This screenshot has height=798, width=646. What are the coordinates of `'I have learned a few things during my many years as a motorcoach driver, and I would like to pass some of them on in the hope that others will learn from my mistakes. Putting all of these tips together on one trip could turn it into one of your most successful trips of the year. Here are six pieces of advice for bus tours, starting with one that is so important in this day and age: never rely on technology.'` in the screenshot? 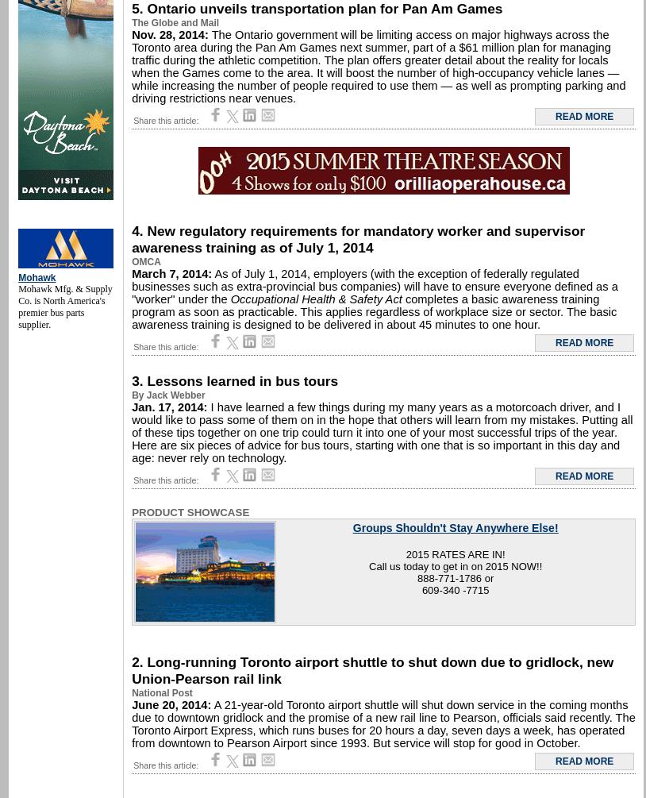 It's located at (381, 432).